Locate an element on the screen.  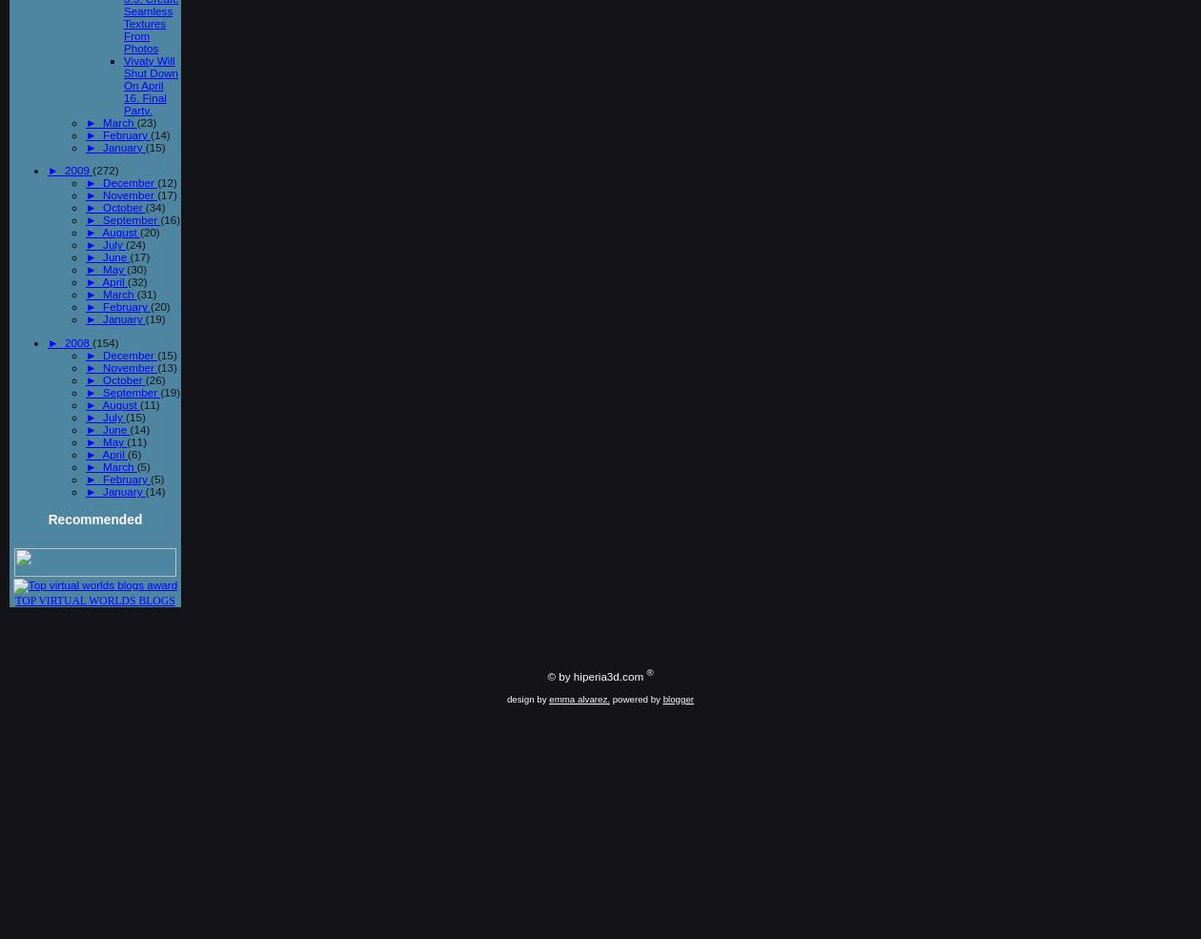
'(26)' is located at coordinates (153, 378).